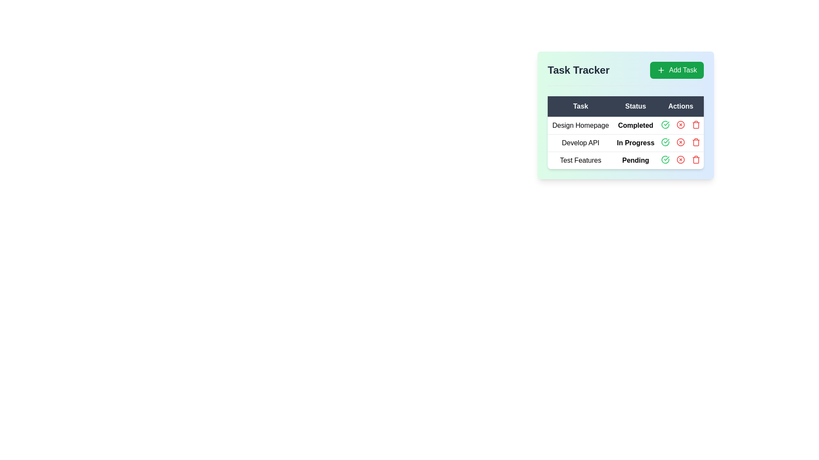  I want to click on the status label displaying 'In Progress' for the 'Develop API' task in the task tracker, so click(636, 142).